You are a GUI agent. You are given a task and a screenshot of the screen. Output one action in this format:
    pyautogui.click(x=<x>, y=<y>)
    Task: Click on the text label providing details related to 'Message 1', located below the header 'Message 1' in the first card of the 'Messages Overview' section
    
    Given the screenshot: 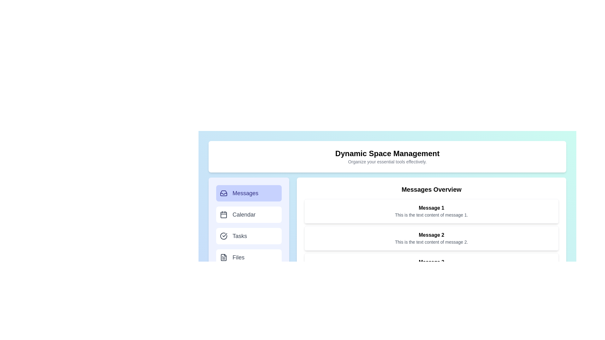 What is the action you would take?
    pyautogui.click(x=431, y=214)
    